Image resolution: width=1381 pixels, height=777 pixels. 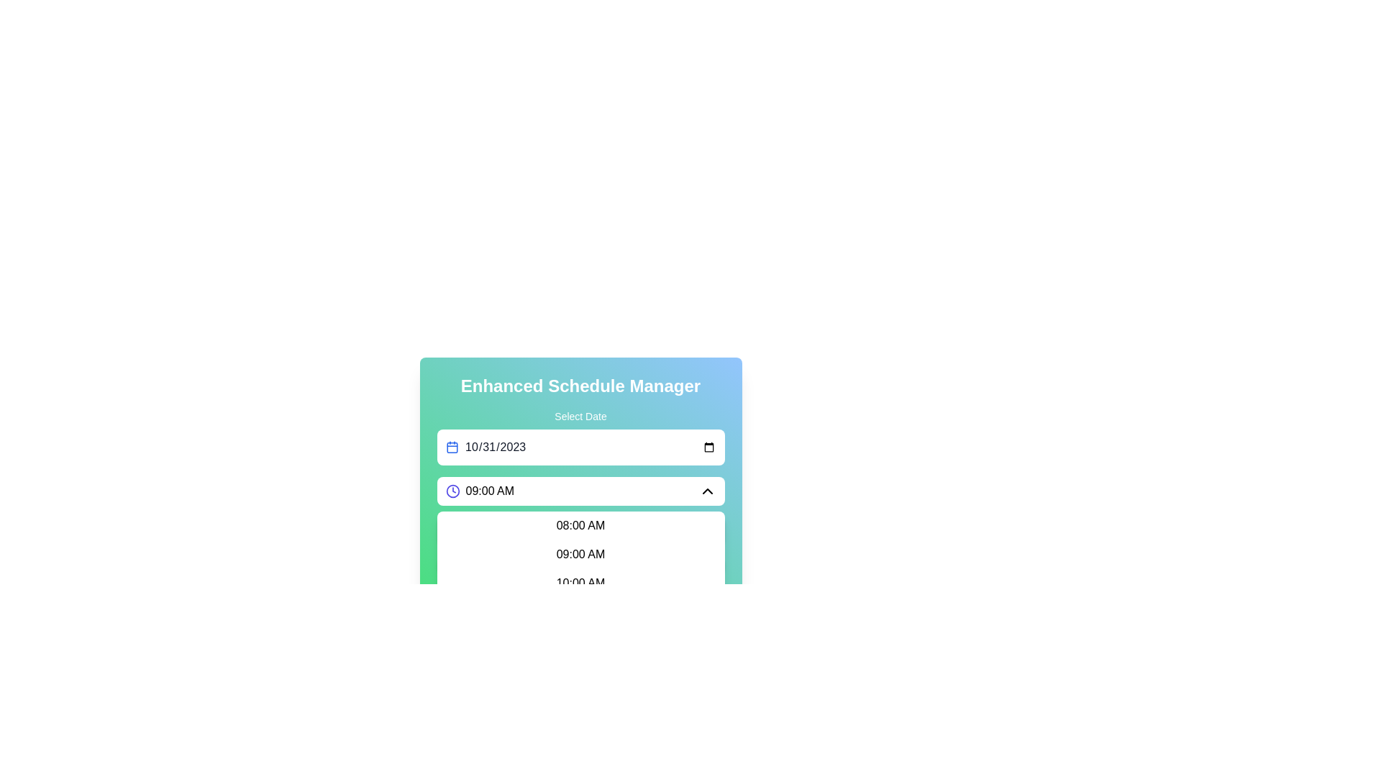 I want to click on the text label that serves as a contextual information label for the date selection input field, located below the heading 'Enhanced Schedule Manager', so click(x=580, y=416).